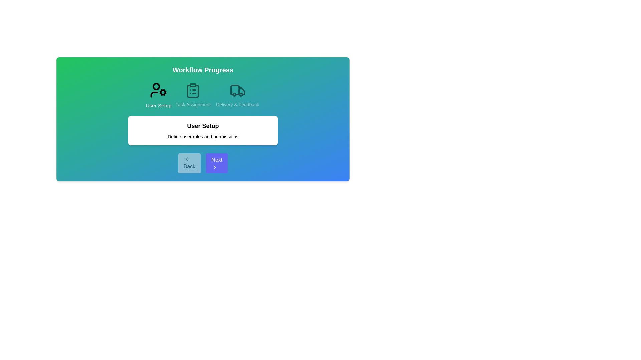  What do you see at coordinates (203, 126) in the screenshot?
I see `the text 'User Setup' from the component` at bounding box center [203, 126].